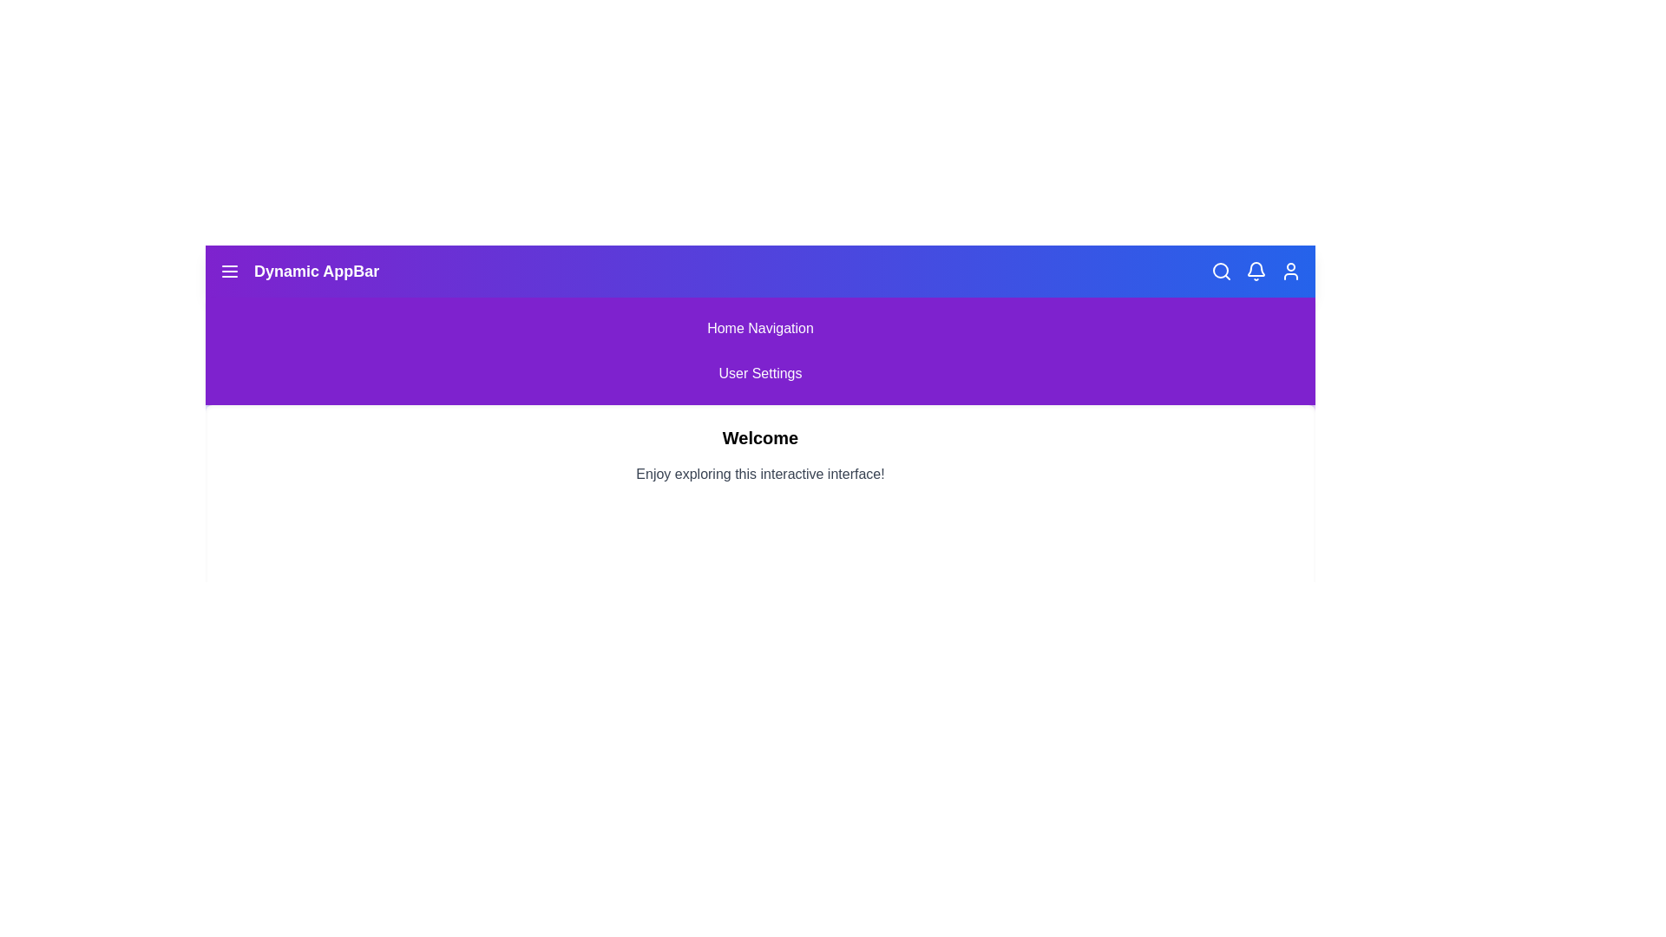 The width and height of the screenshot is (1666, 937). What do you see at coordinates (760, 328) in the screenshot?
I see `the 'Home Navigation' item in the side menu` at bounding box center [760, 328].